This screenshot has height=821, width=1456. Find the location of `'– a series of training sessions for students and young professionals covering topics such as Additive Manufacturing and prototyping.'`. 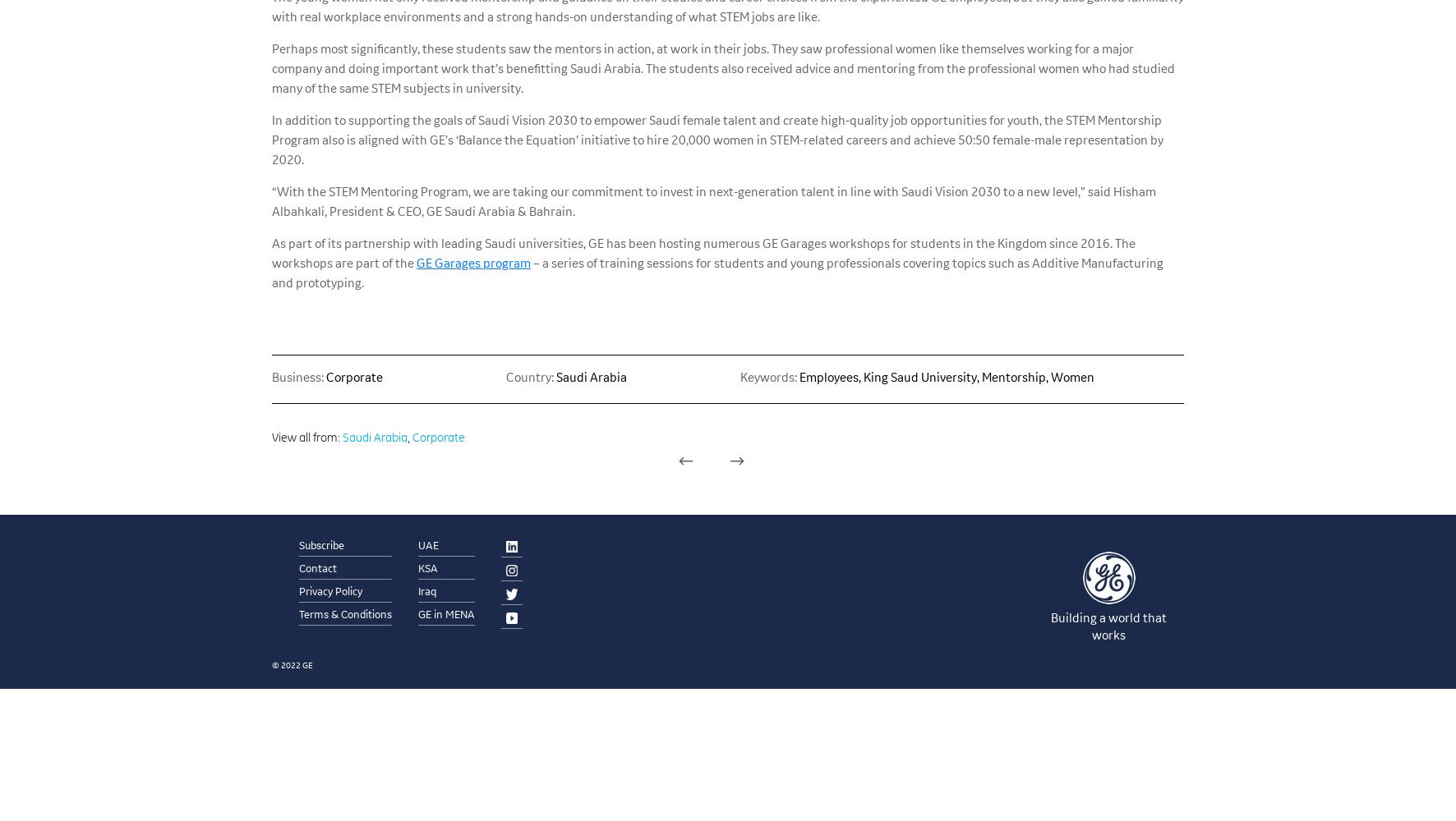

'– a series of training sessions for students and young professionals covering topics such as Additive Manufacturing and prototyping.' is located at coordinates (271, 271).